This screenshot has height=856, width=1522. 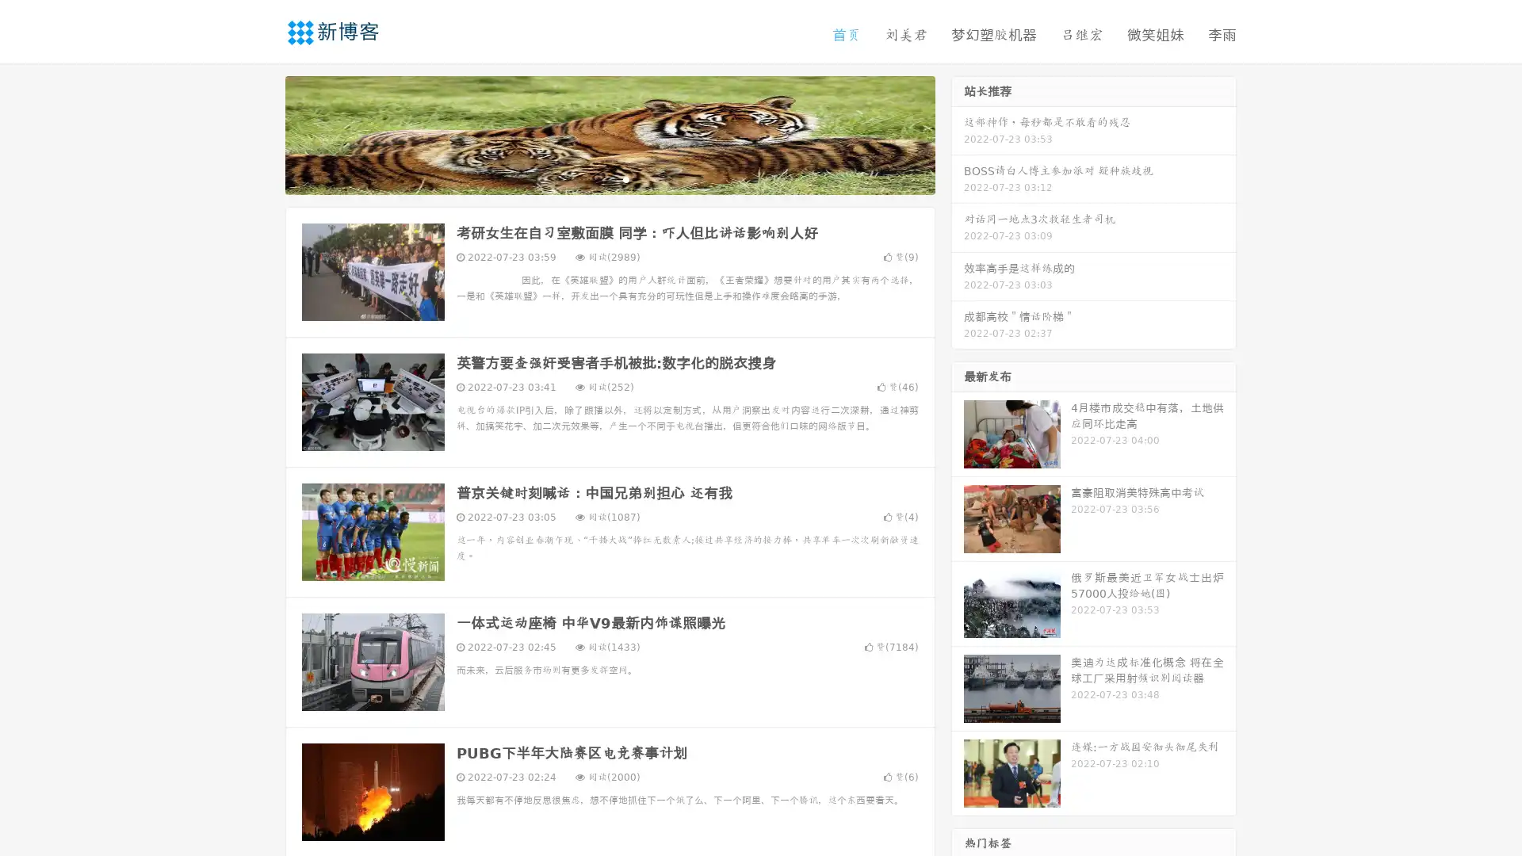 What do you see at coordinates (609, 178) in the screenshot?
I see `Go to slide 2` at bounding box center [609, 178].